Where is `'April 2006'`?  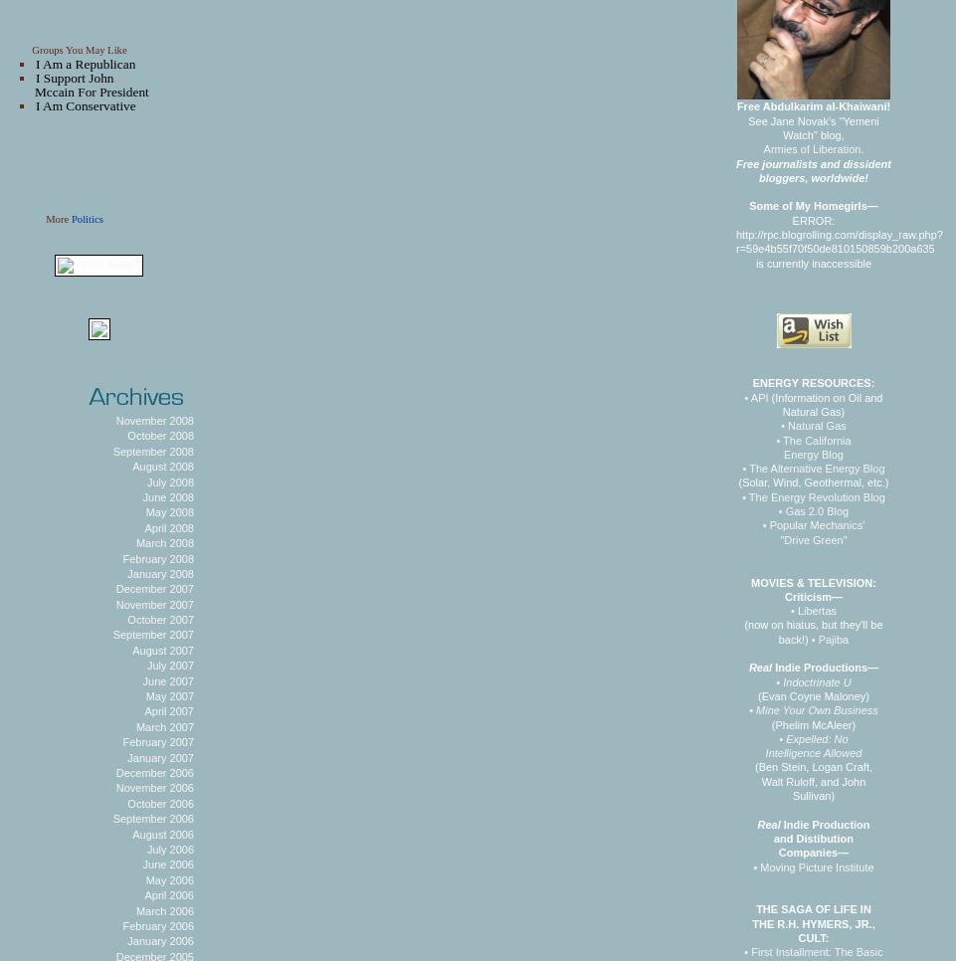
'April 2006' is located at coordinates (143, 894).